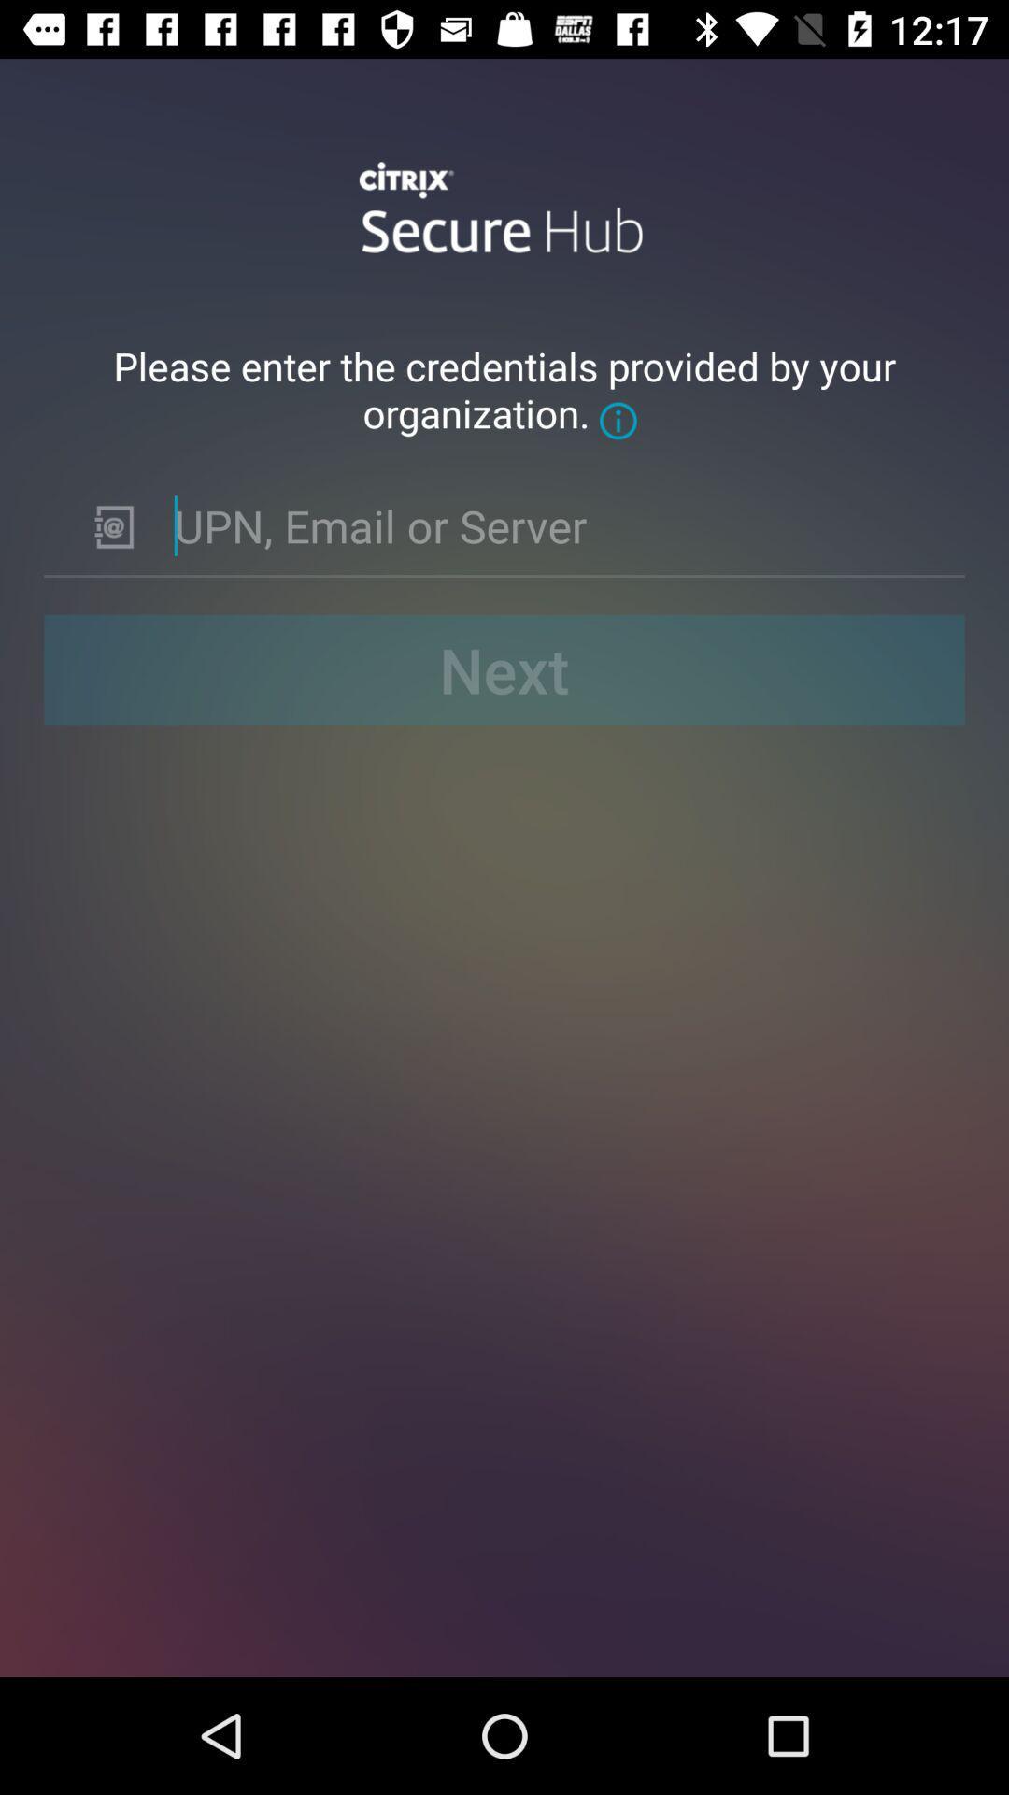 The image size is (1009, 1795). Describe the element at coordinates (554, 524) in the screenshot. I see `credentials` at that location.